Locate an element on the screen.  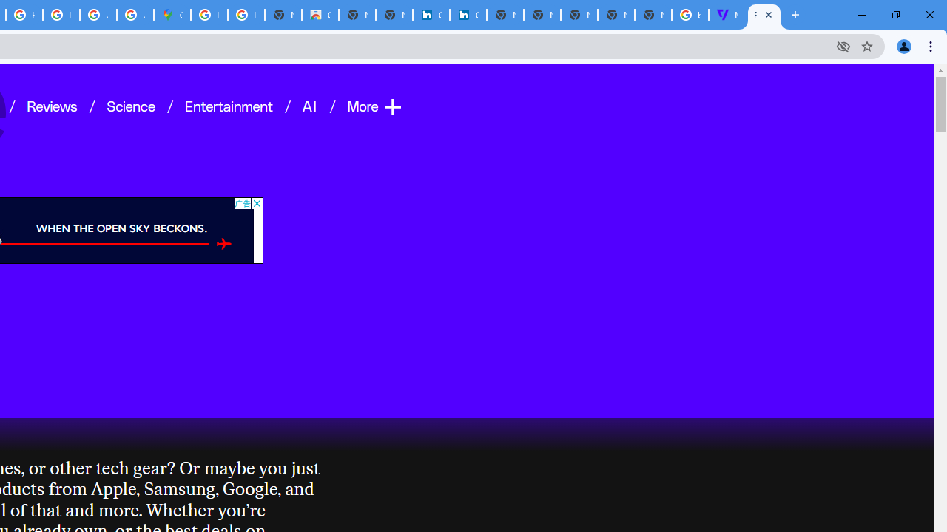
'Expand' is located at coordinates (391, 106).